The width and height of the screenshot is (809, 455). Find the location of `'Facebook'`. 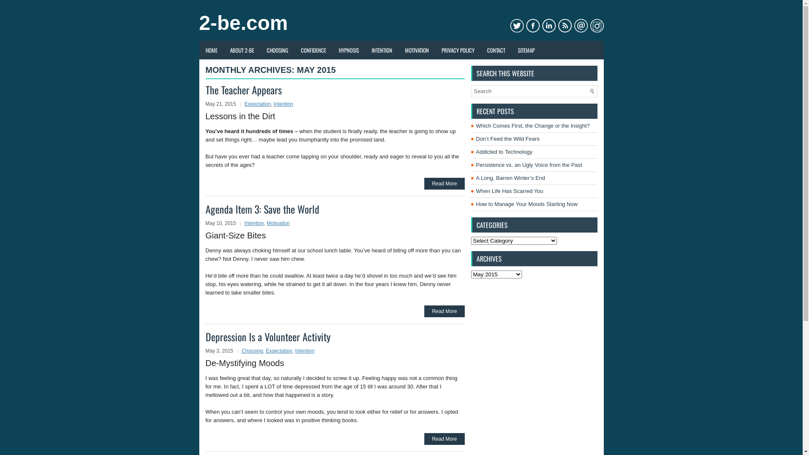

'Facebook' is located at coordinates (525, 25).